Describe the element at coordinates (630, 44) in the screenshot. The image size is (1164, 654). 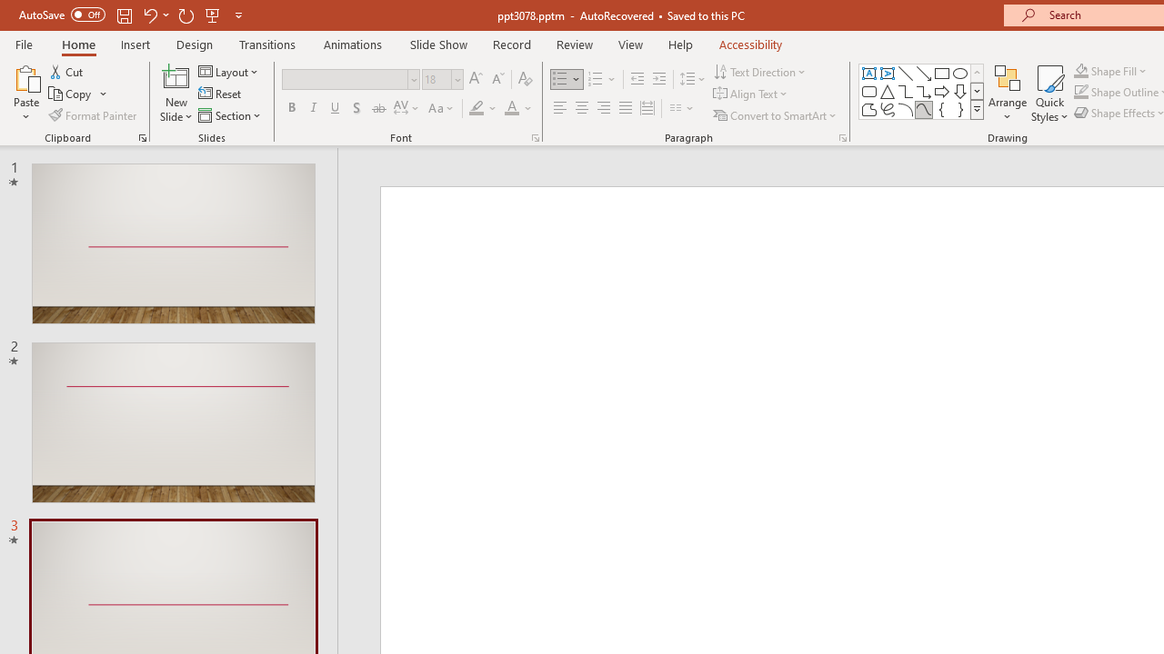
I see `'View'` at that location.